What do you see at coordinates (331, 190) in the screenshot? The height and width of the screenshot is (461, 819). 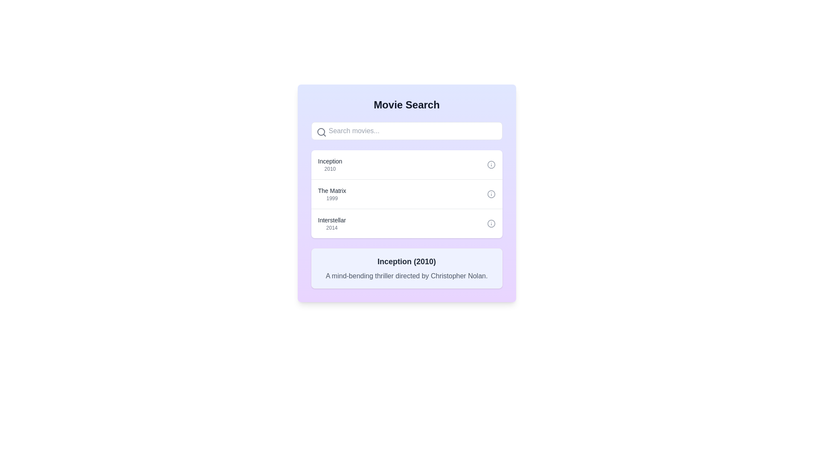 I see `the movie title text label, which is centrally located within the movie list card, displaying the title of the second movie entry` at bounding box center [331, 190].